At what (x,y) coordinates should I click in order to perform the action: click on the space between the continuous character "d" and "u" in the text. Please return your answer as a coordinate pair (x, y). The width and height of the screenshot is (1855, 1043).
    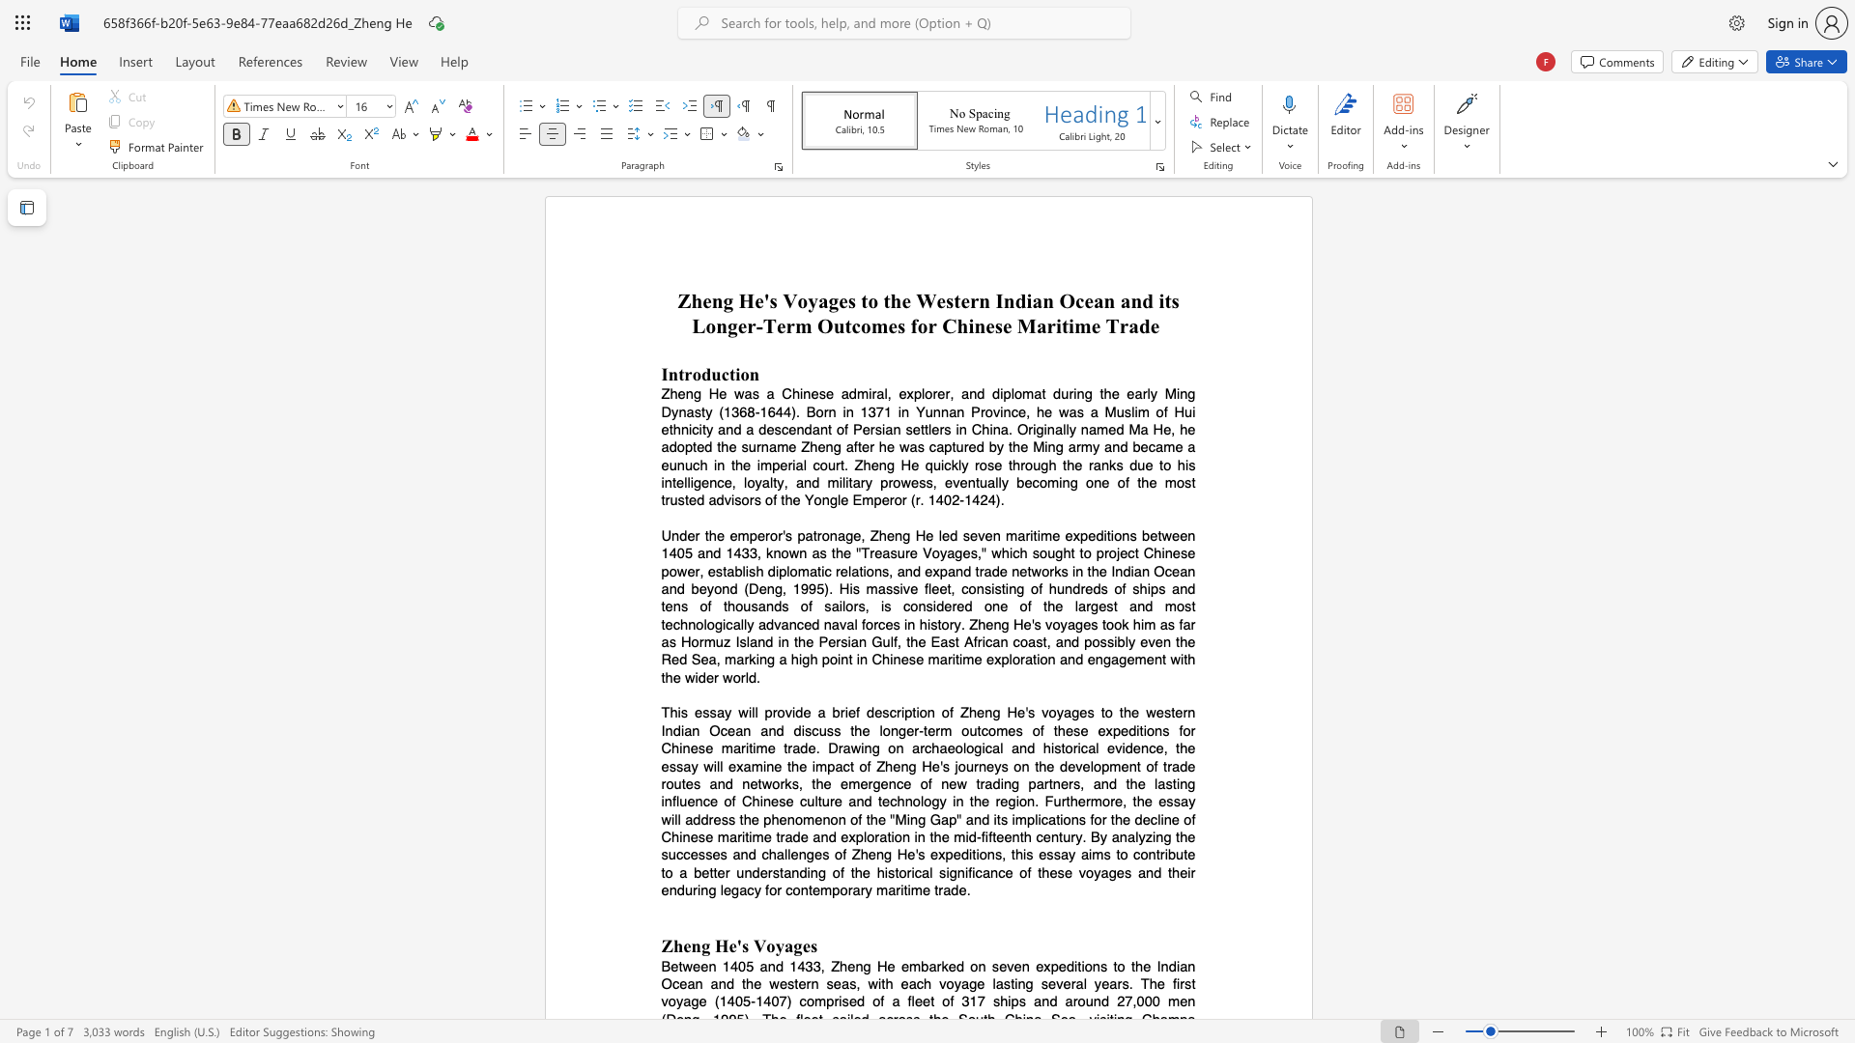
    Looking at the image, I should click on (710, 374).